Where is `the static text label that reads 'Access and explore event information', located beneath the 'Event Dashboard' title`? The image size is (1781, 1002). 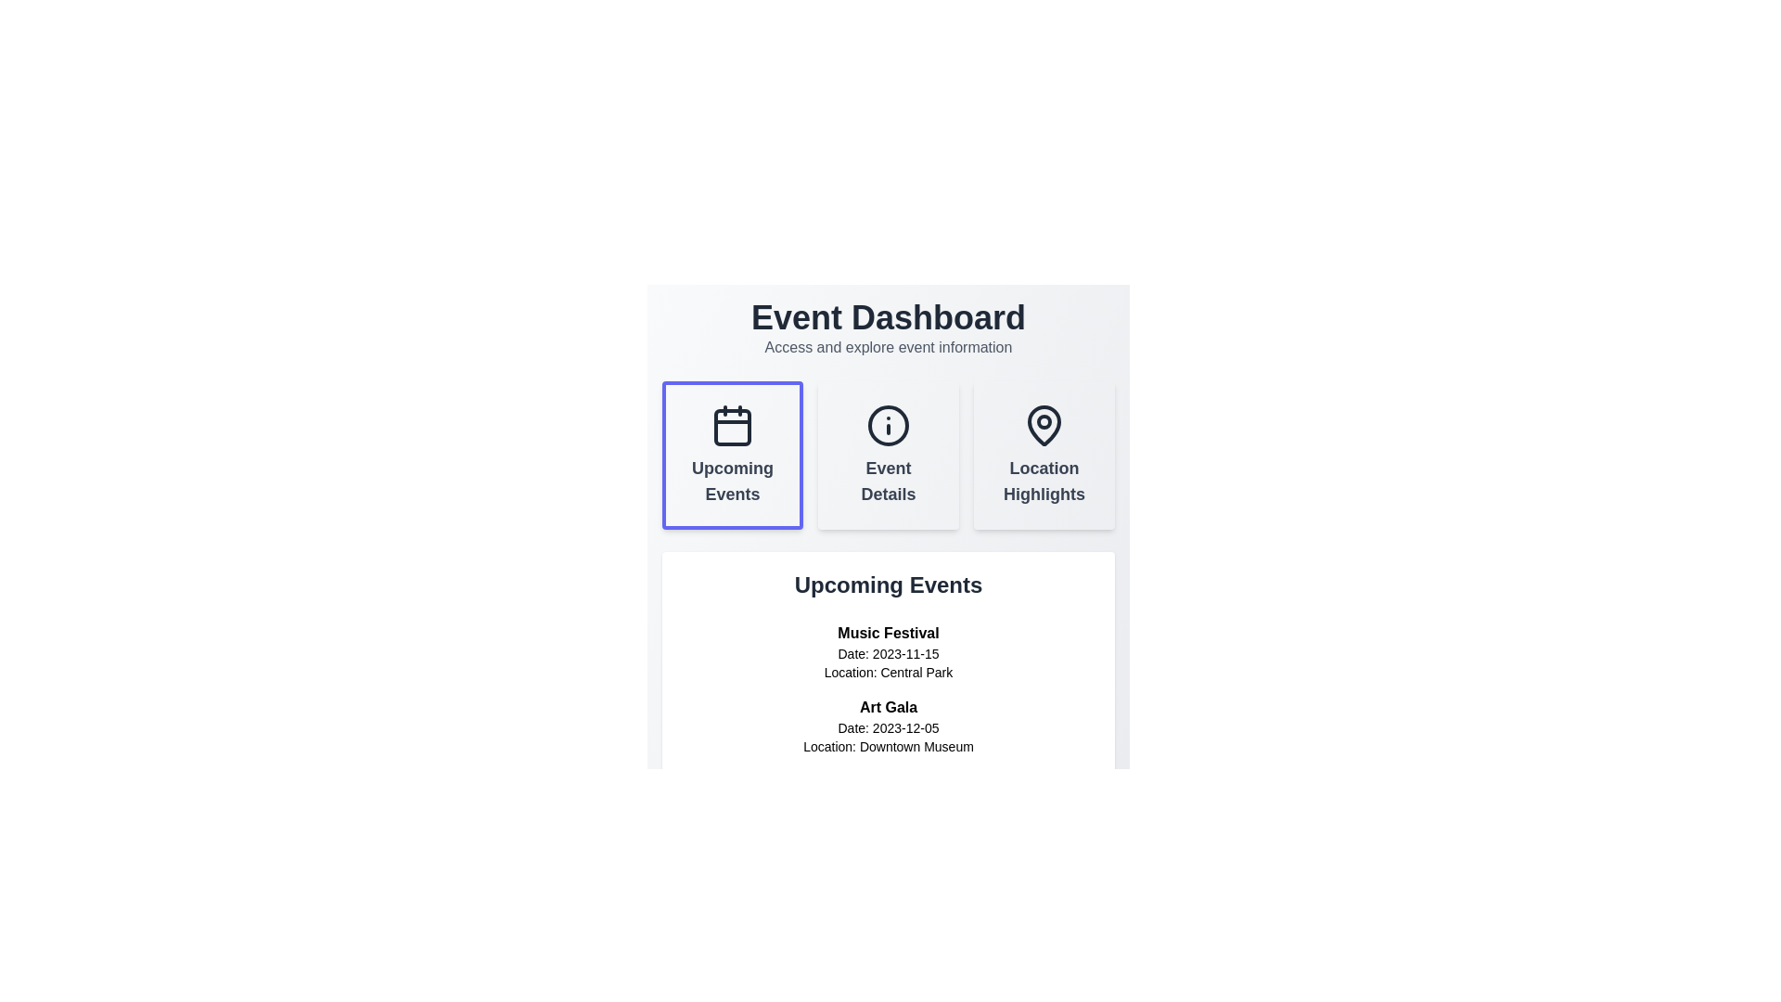
the static text label that reads 'Access and explore event information', located beneath the 'Event Dashboard' title is located at coordinates (888, 347).